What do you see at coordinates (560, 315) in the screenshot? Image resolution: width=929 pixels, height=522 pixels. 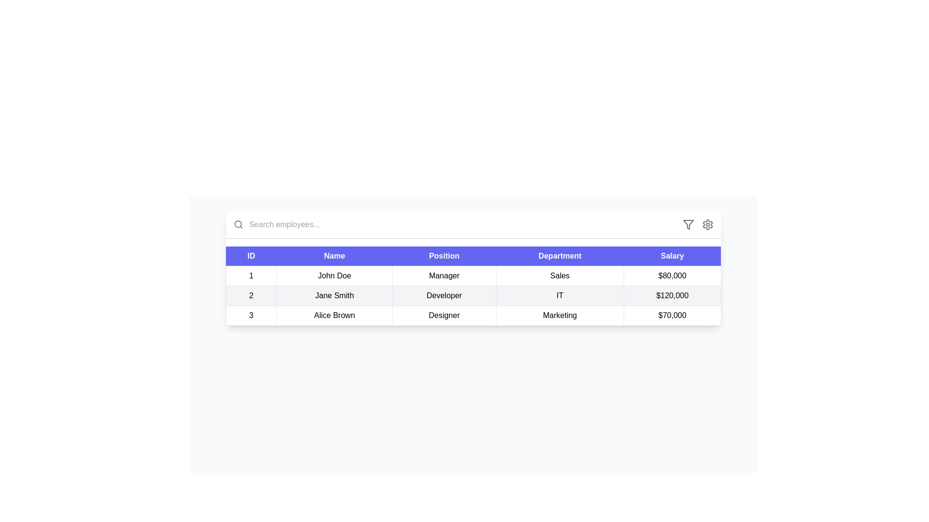 I see `the text display field containing the text 'Marketing' in the 'Department' column of the employee record for 'Alice Brown'` at bounding box center [560, 315].